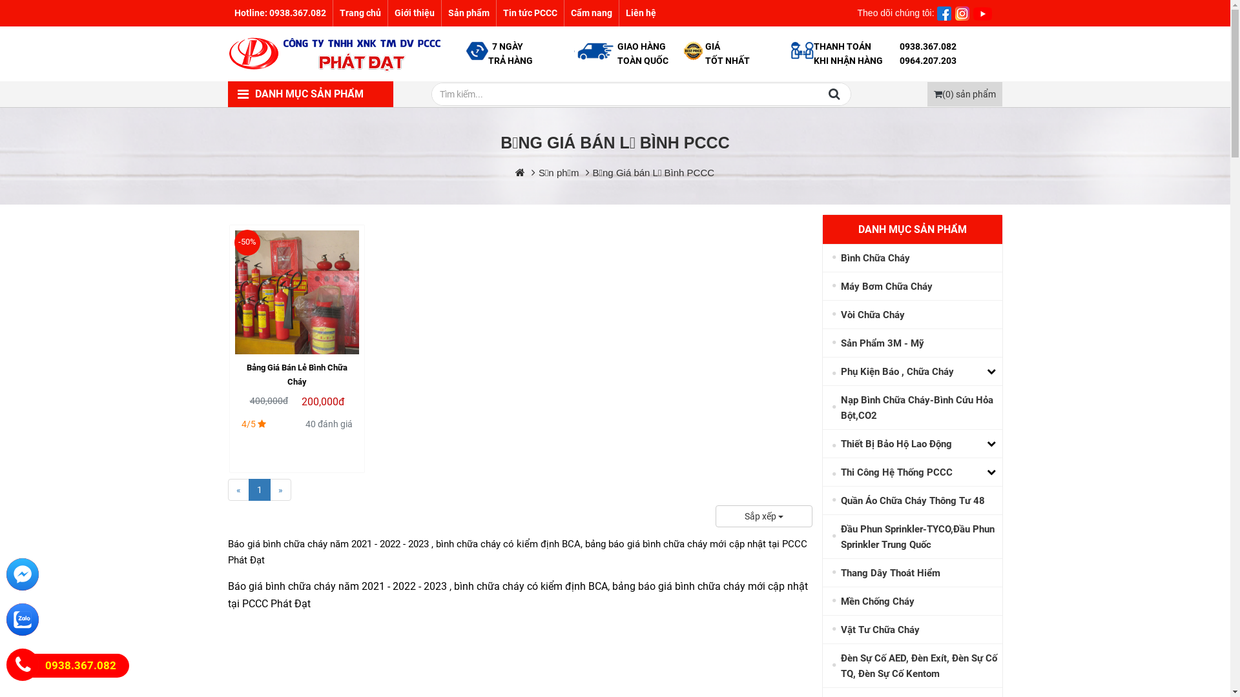 This screenshot has width=1240, height=697. Describe the element at coordinates (278, 12) in the screenshot. I see `'Hotline: 0938.367.082'` at that location.